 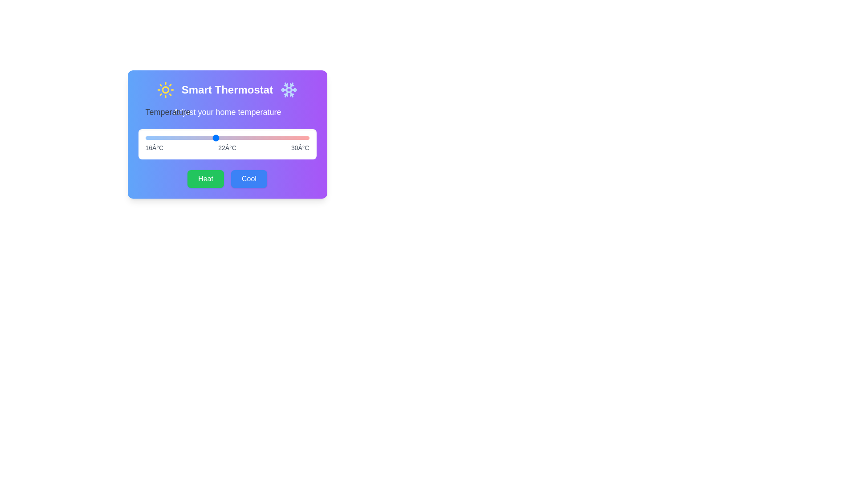 What do you see at coordinates (203, 138) in the screenshot?
I see `the temperature slider to 21 degrees Celsius` at bounding box center [203, 138].